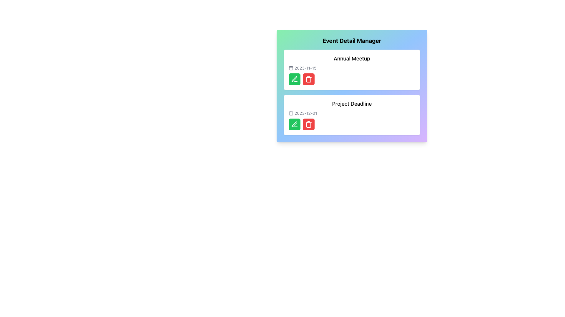 The height and width of the screenshot is (317, 565). I want to click on the miniature calendar icon, which is a small square-shaped icon with a light gray or white outline, located to the left of the date '2023-11-15' in the upper section of the interface, so click(291, 68).